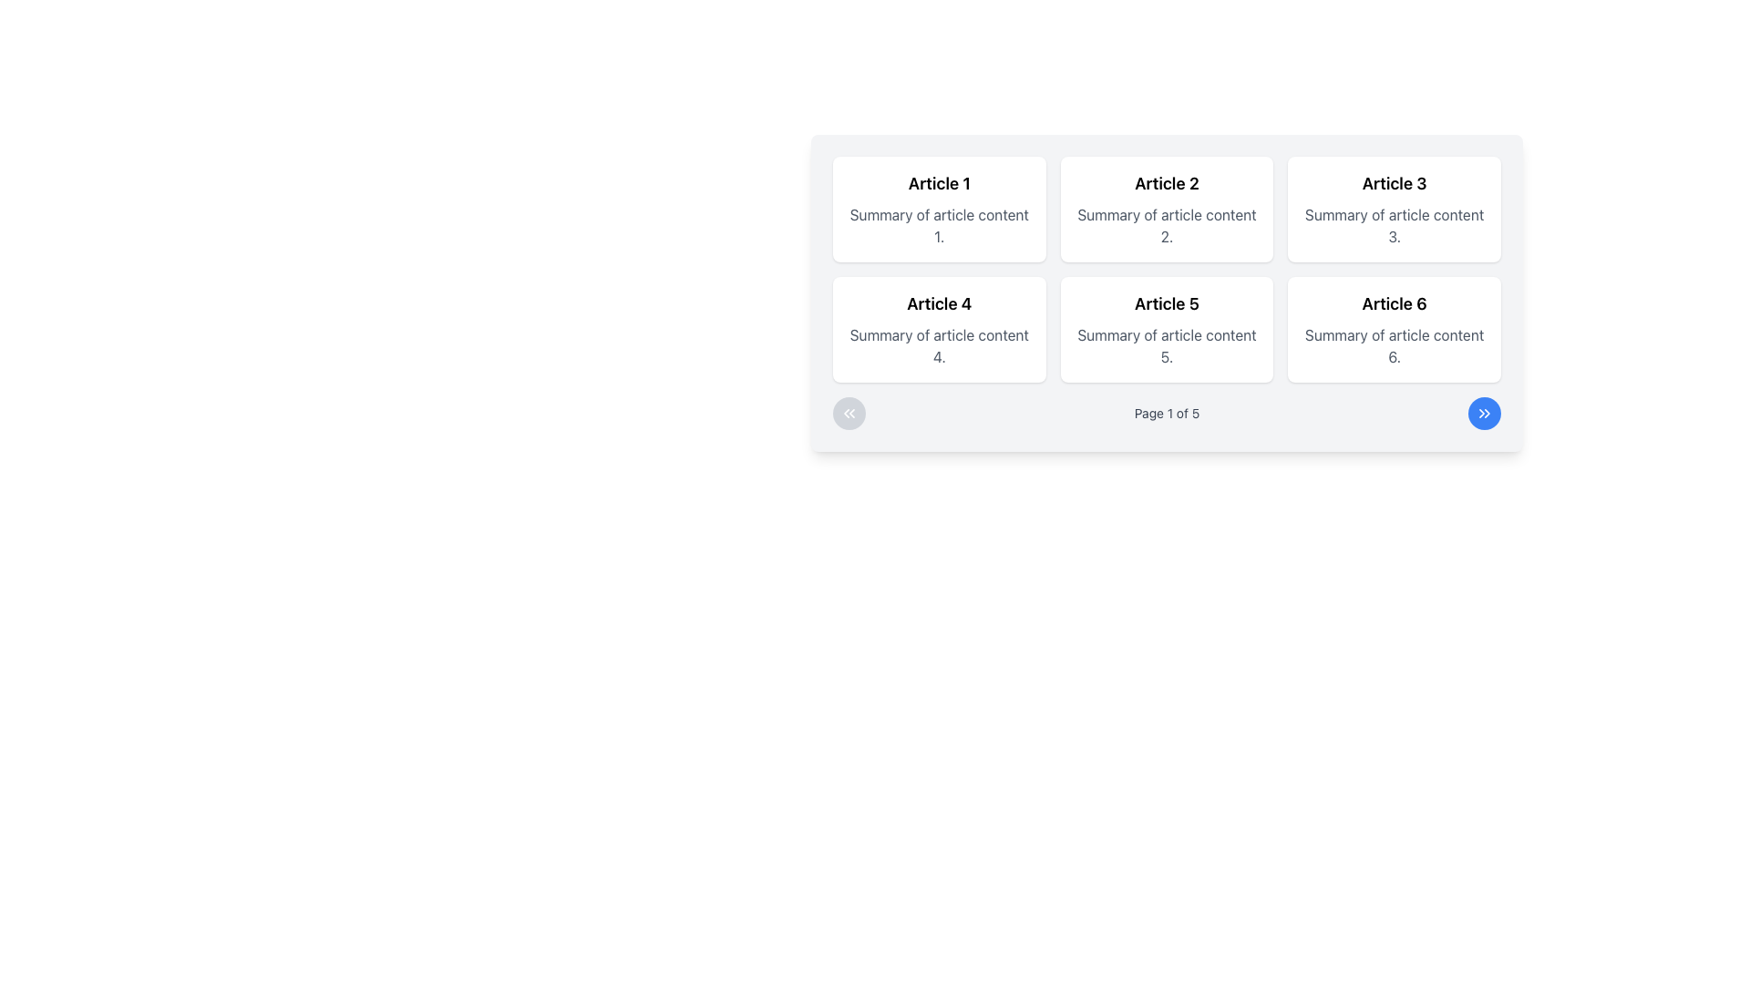 This screenshot has width=1750, height=984. I want to click on the prominently styled text label displaying 'Article 2' located at the top-central position within the grid layout, so click(1167, 183).